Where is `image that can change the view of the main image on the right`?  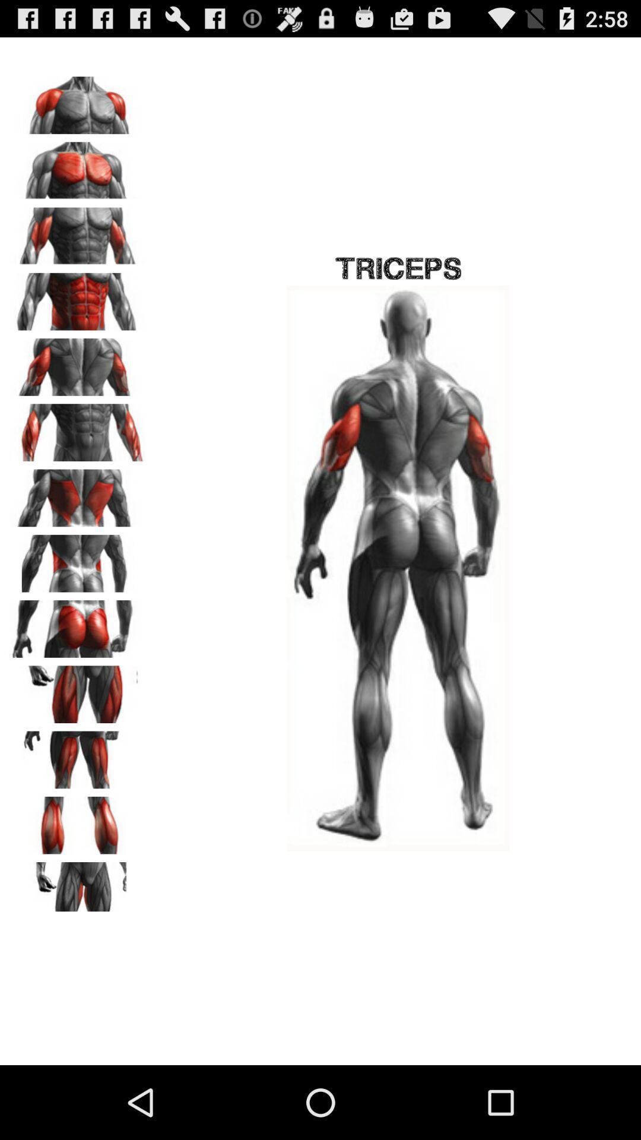 image that can change the view of the main image on the right is located at coordinates (78, 494).